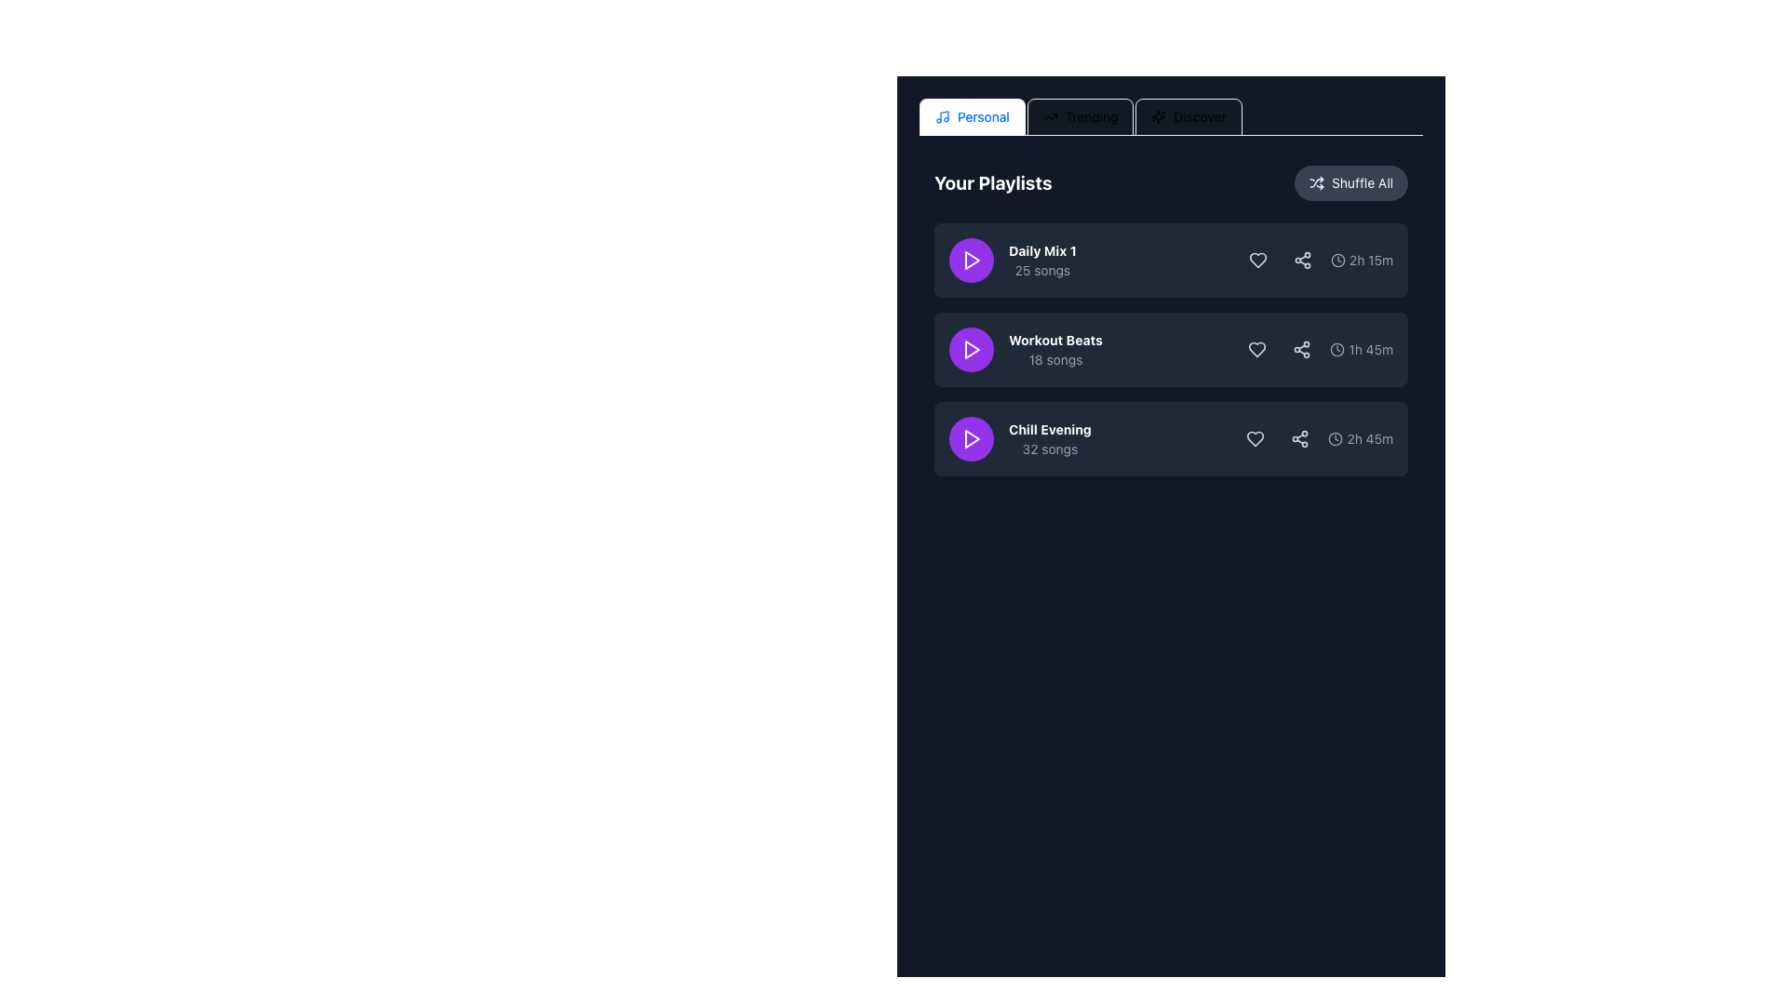 Image resolution: width=1787 pixels, height=1005 pixels. What do you see at coordinates (1371, 349) in the screenshot?
I see `information displayed in the text label showing '1h 45m', located at the bottom-right of the 'Workout Beats' playlist row` at bounding box center [1371, 349].